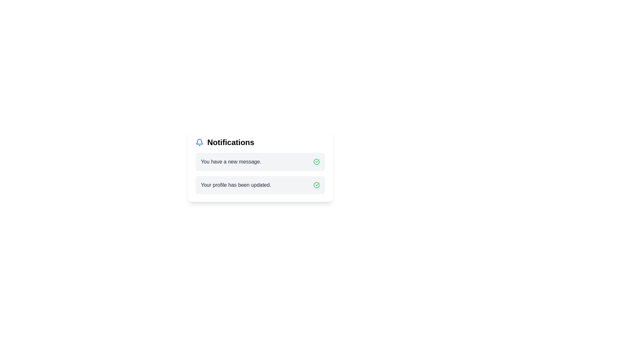 The width and height of the screenshot is (621, 349). What do you see at coordinates (231, 162) in the screenshot?
I see `the notification message Text Block located within the first notification entry, which is displayed against a light gray background with rounded corners` at bounding box center [231, 162].